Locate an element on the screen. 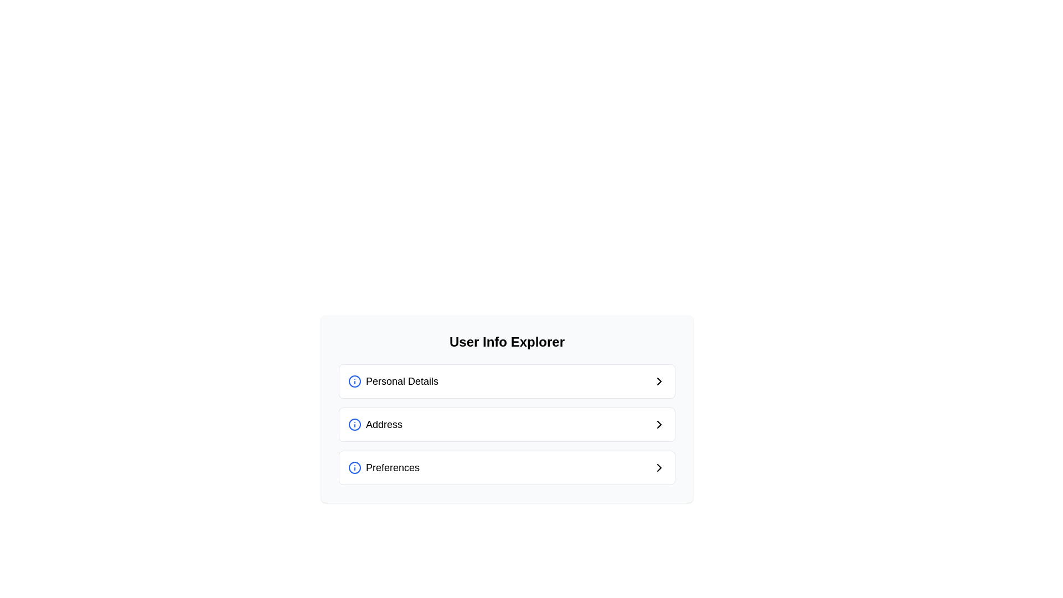 The image size is (1063, 598). the SVG Circle element, which is a circular shape with a blue stroke color, centrally positioned in the third row of the list items is located at coordinates (355, 467).